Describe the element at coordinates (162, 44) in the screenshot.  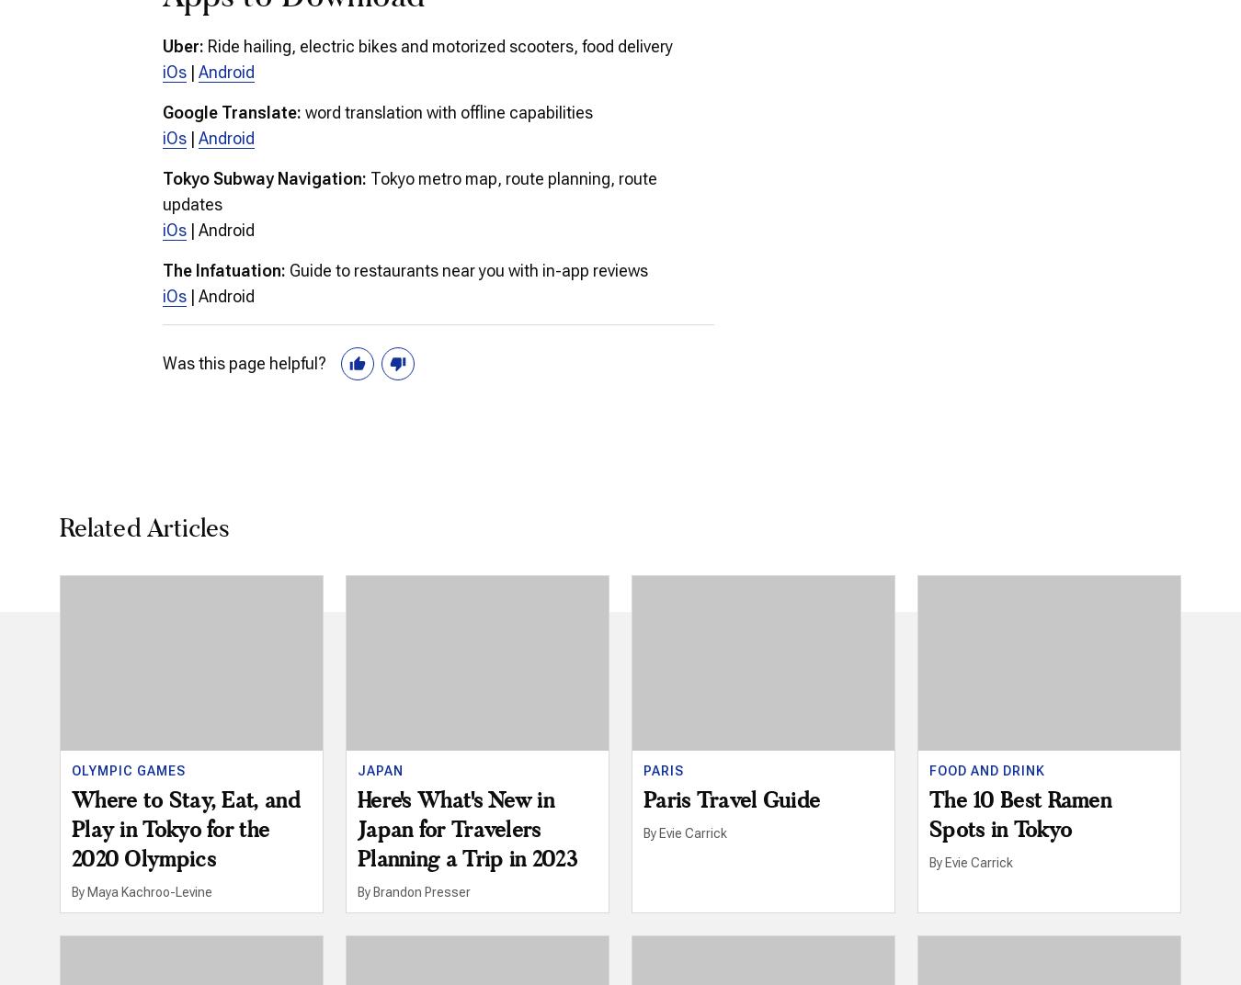
I see `'Uber:'` at that location.